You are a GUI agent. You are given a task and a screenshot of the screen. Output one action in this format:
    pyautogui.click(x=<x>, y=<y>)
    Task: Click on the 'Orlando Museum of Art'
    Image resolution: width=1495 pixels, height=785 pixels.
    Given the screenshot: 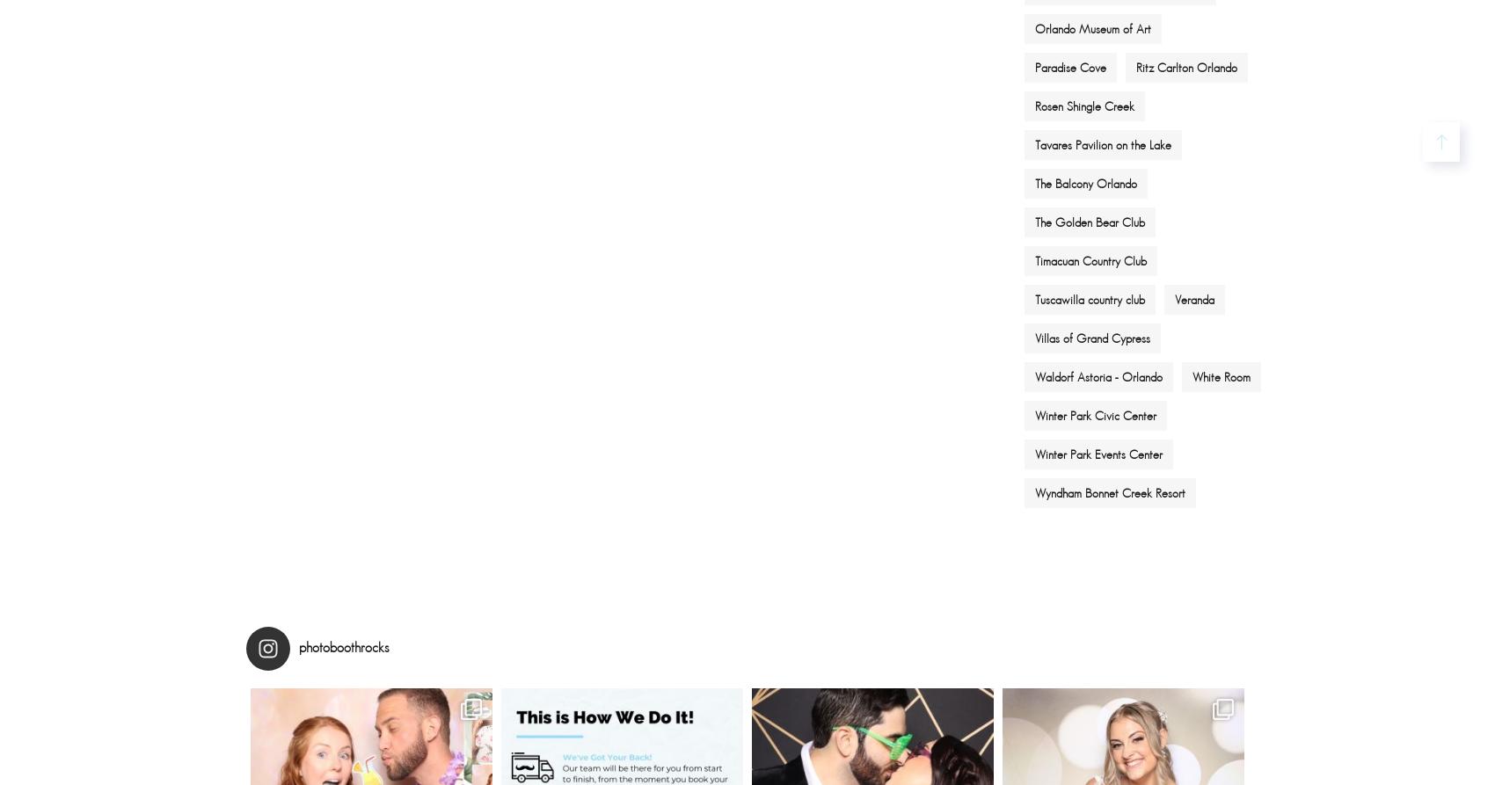 What is the action you would take?
    pyautogui.click(x=1092, y=27)
    